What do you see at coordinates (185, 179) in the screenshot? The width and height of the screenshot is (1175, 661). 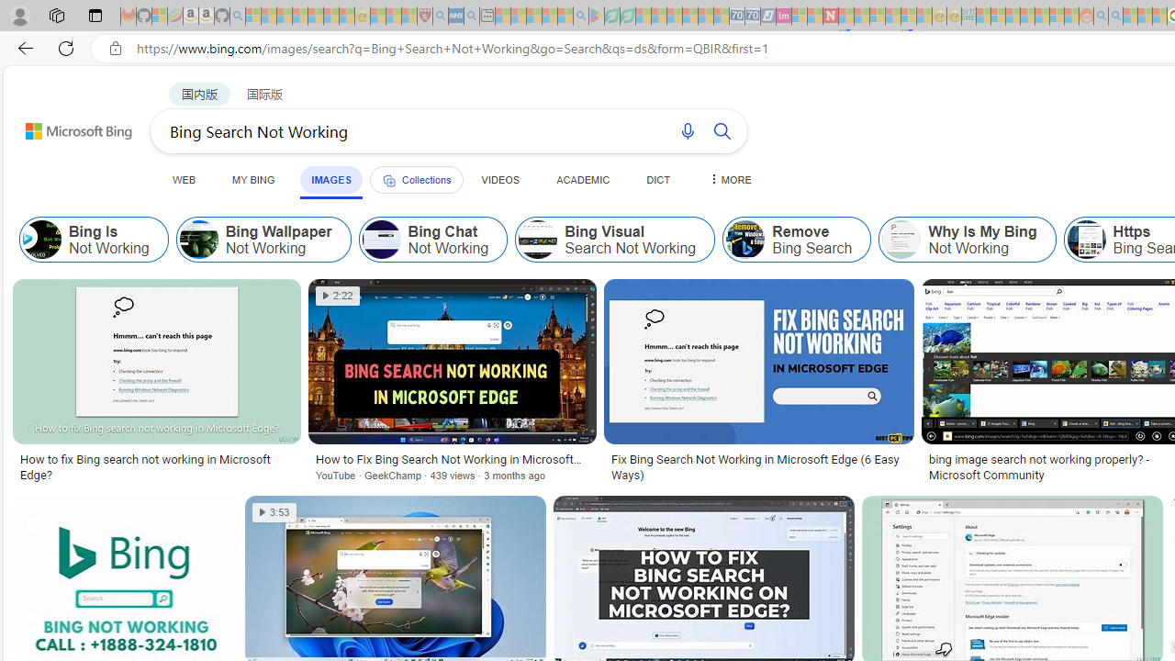 I see `'WEB'` at bounding box center [185, 179].